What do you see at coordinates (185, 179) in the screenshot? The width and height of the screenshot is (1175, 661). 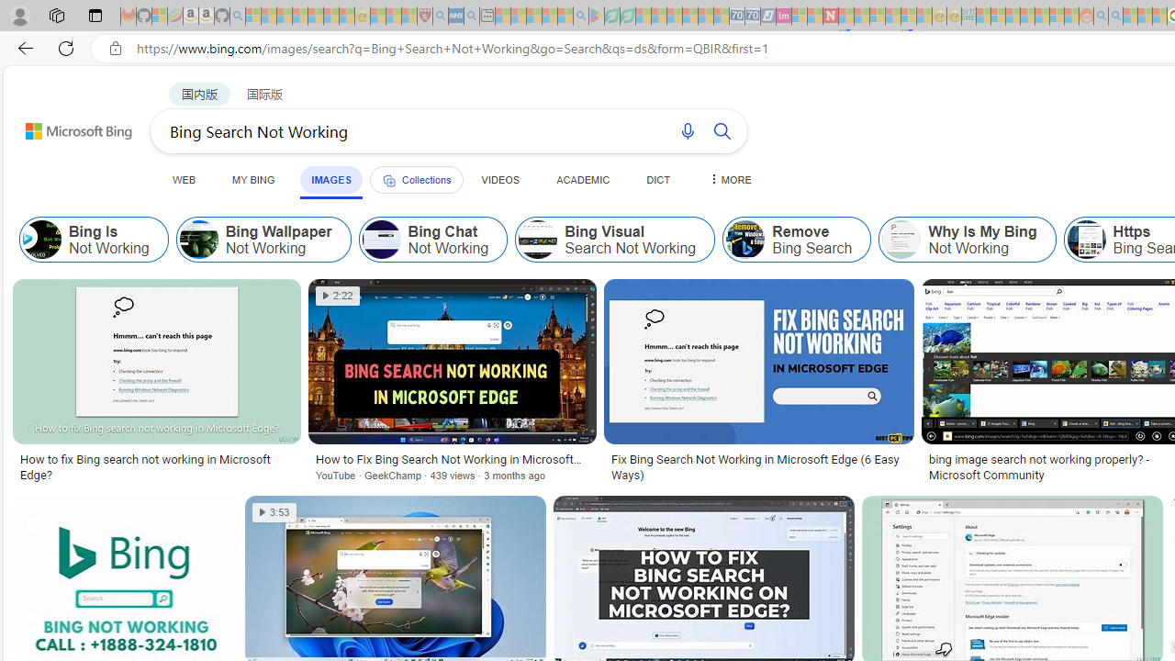 I see `'WEB'` at bounding box center [185, 179].